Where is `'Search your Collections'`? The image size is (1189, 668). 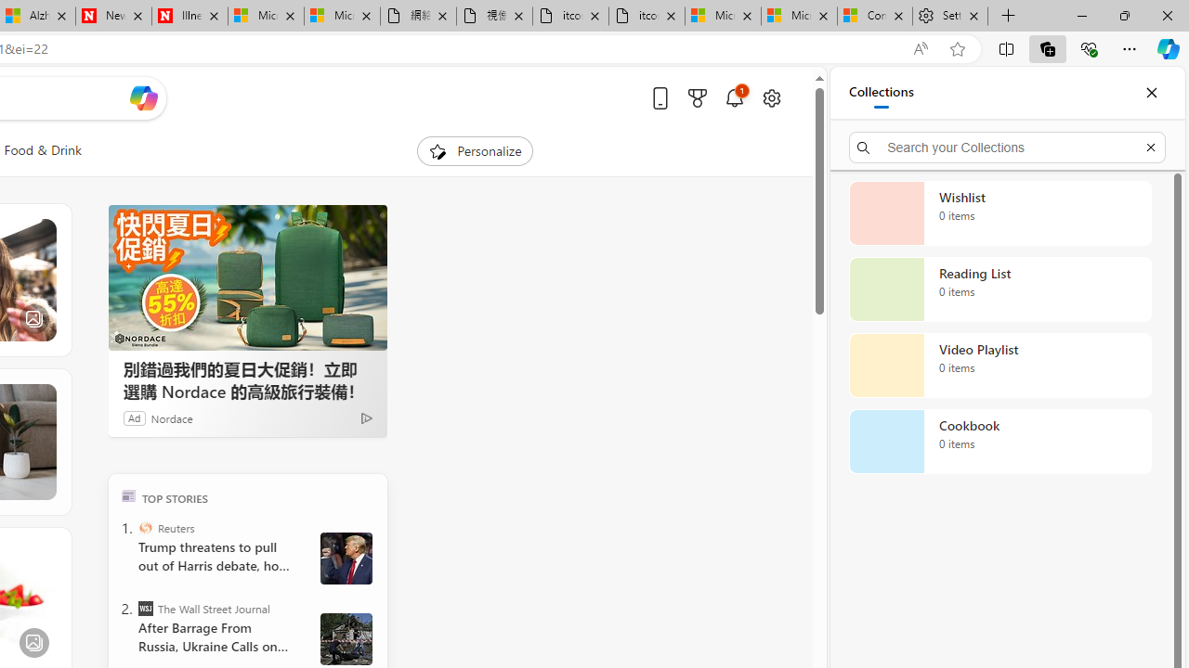
'Search your Collections' is located at coordinates (1006, 147).